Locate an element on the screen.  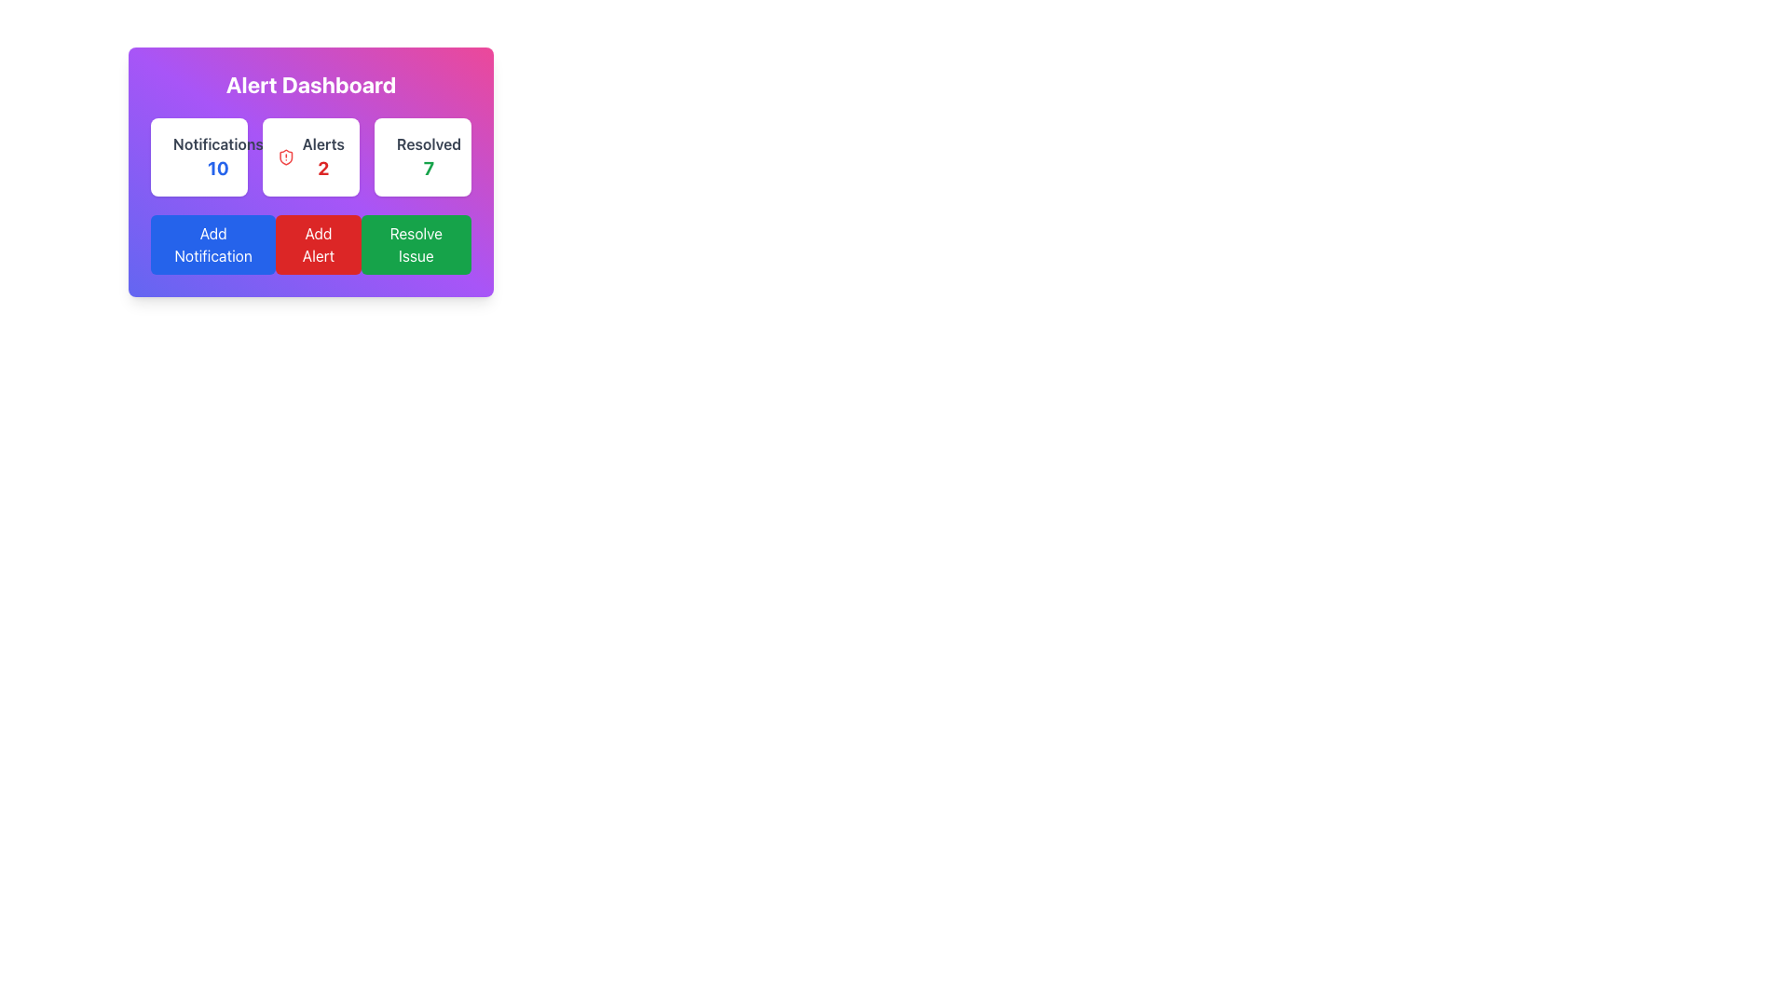
the leftmost button for adding a new notification is located at coordinates (213, 243).